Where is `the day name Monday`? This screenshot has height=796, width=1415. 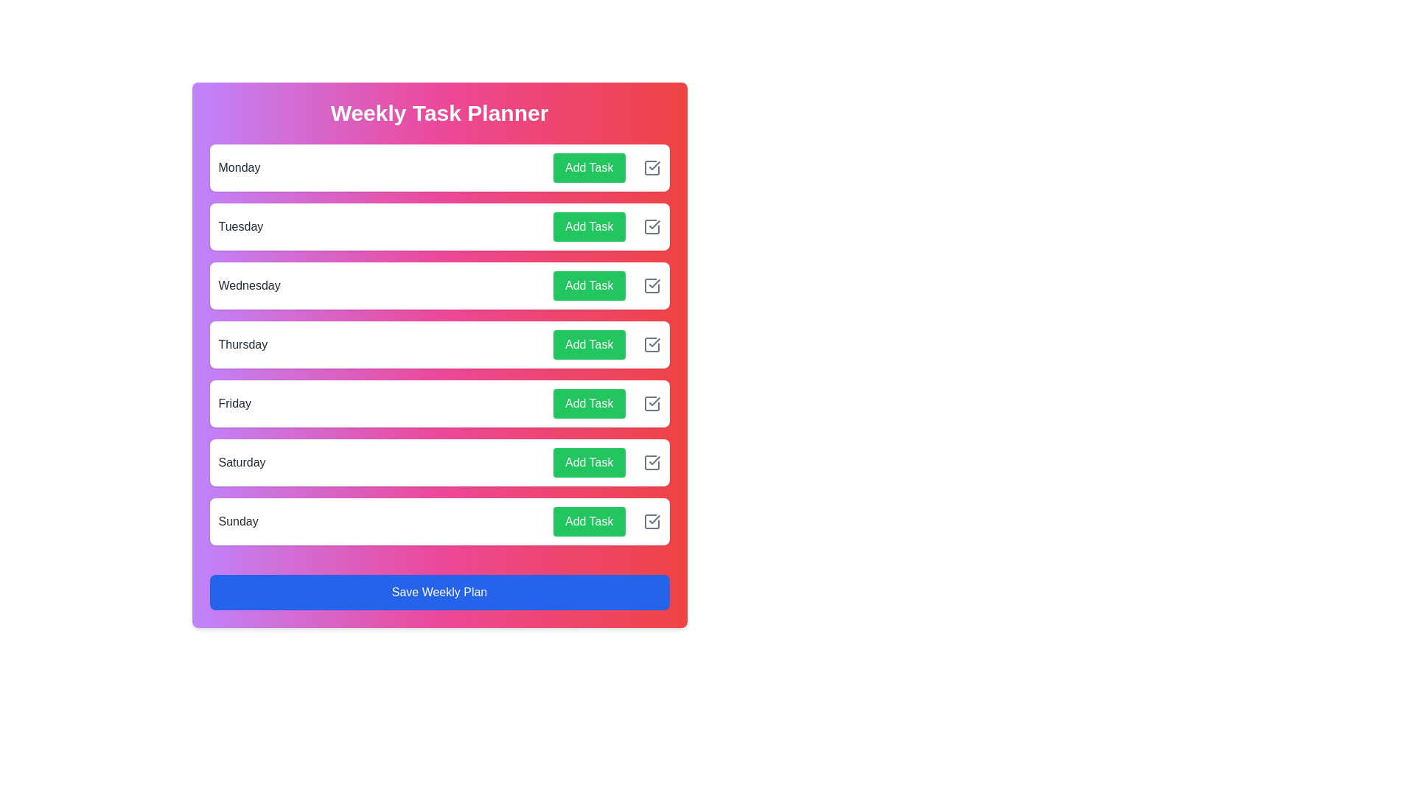 the day name Monday is located at coordinates (239, 167).